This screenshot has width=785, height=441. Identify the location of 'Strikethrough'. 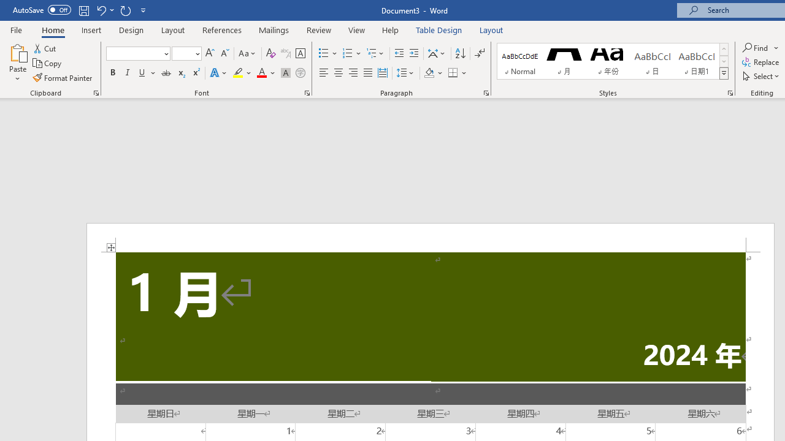
(165, 73).